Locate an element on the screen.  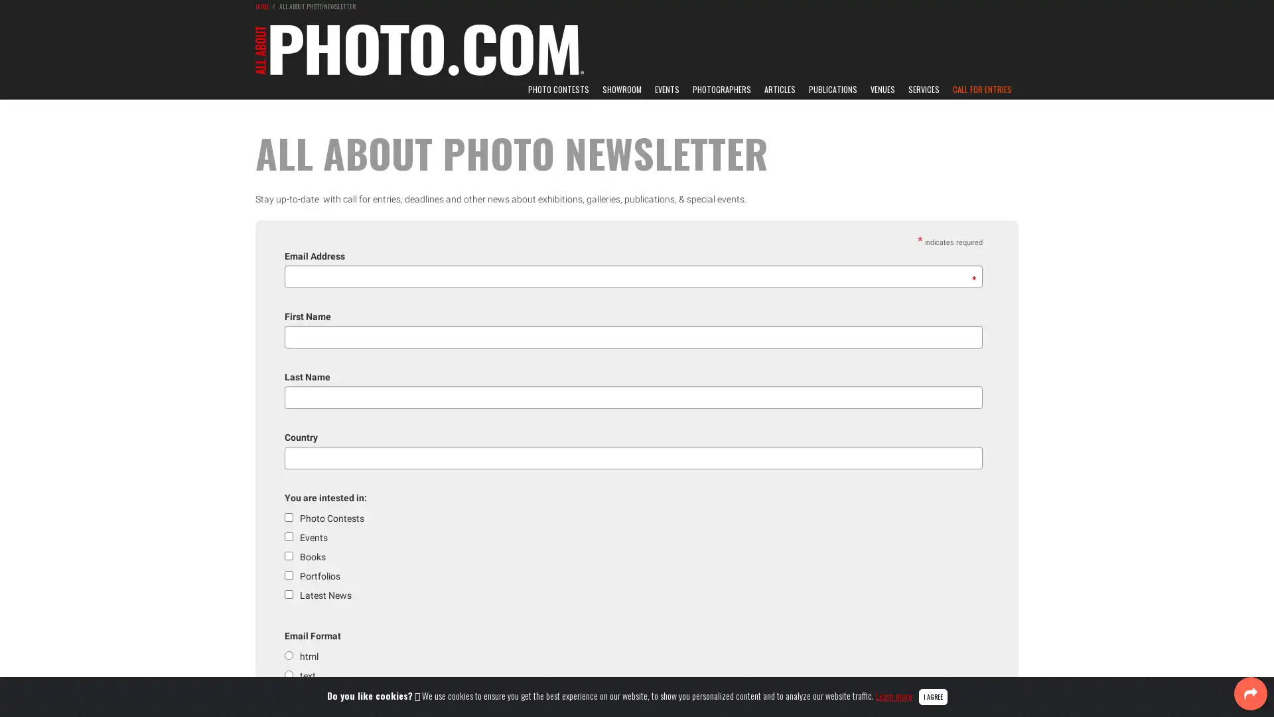
ARTICLES is located at coordinates (780, 90).